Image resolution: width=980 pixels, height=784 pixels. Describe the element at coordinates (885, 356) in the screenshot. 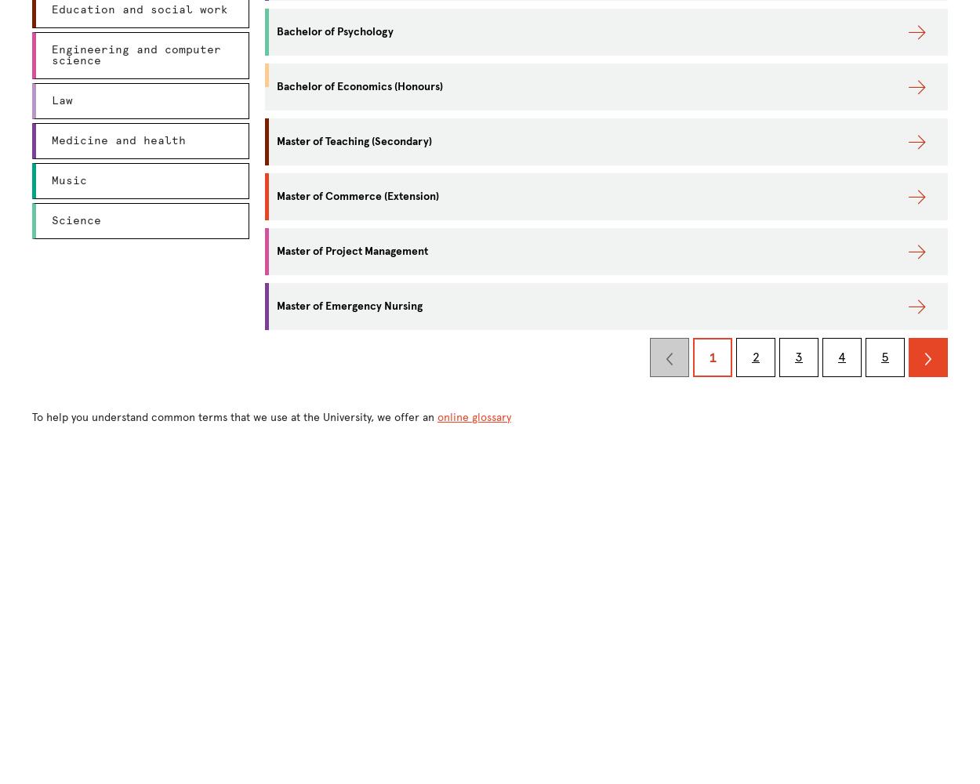

I see `'5'` at that location.